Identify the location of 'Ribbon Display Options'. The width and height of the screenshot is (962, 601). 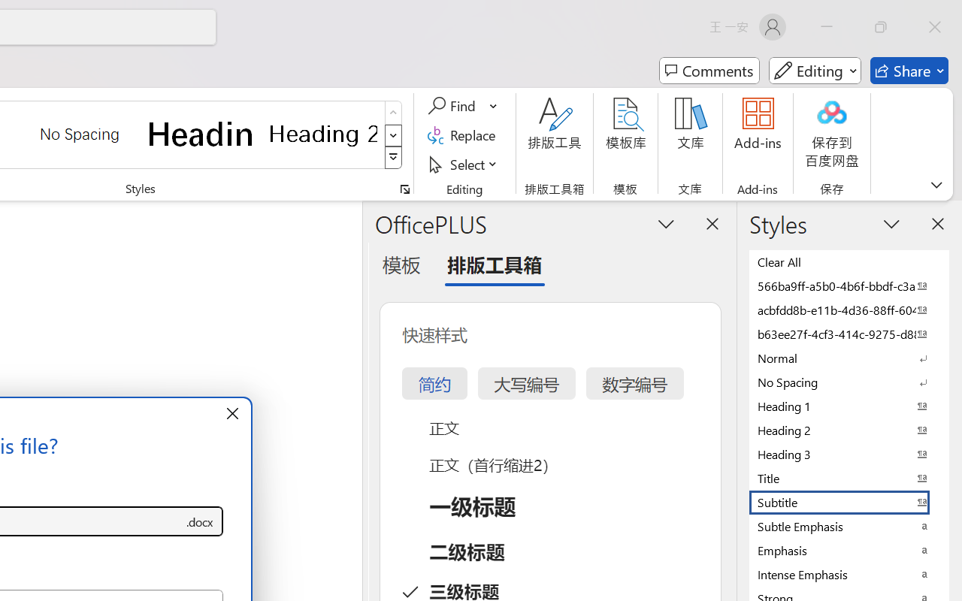
(936, 184).